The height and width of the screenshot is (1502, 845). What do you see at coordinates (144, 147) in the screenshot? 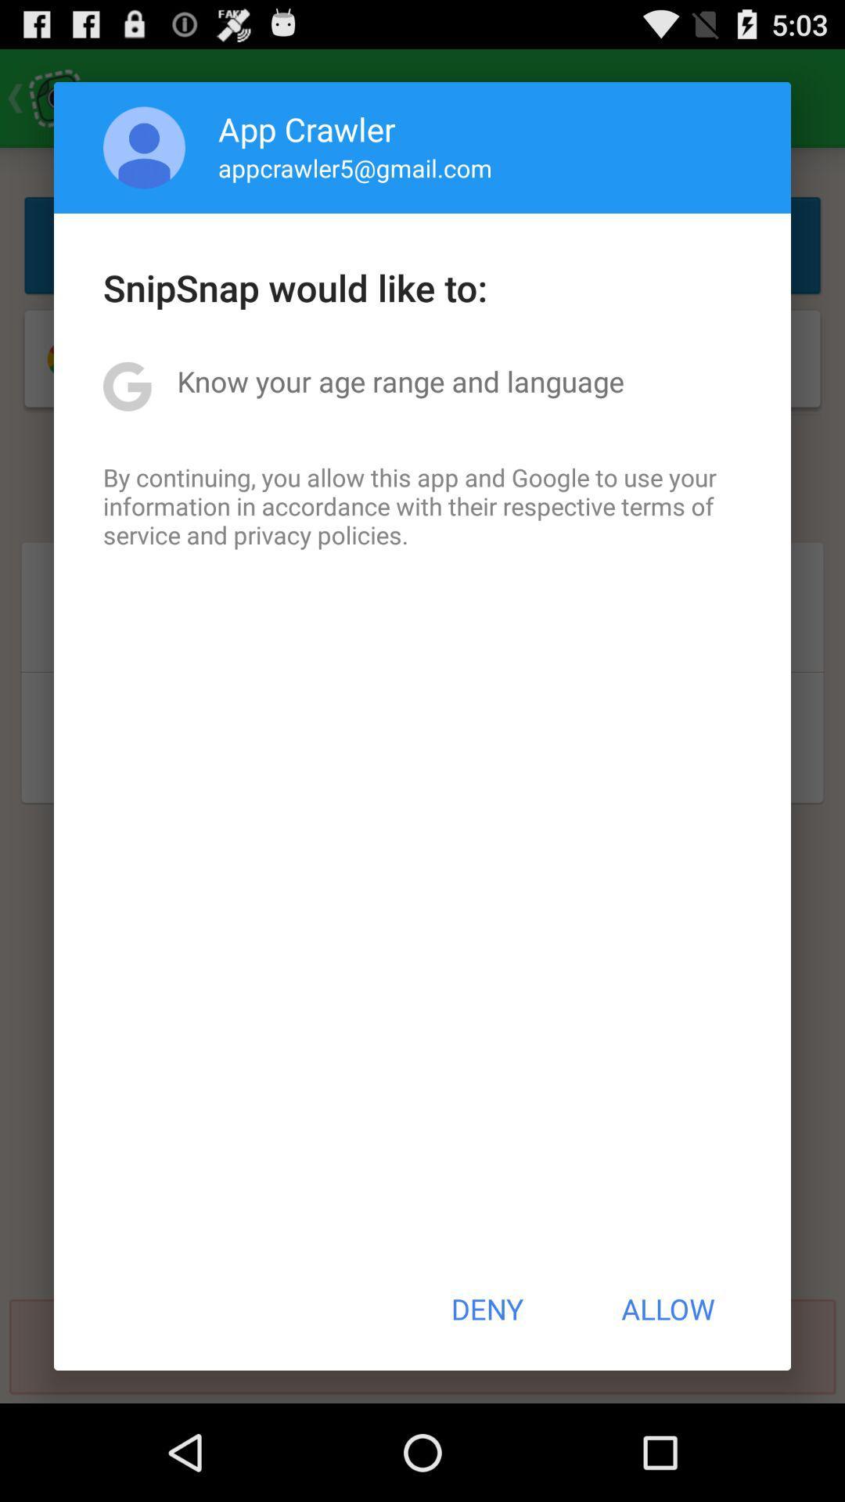
I see `the item above snipsnap would like app` at bounding box center [144, 147].